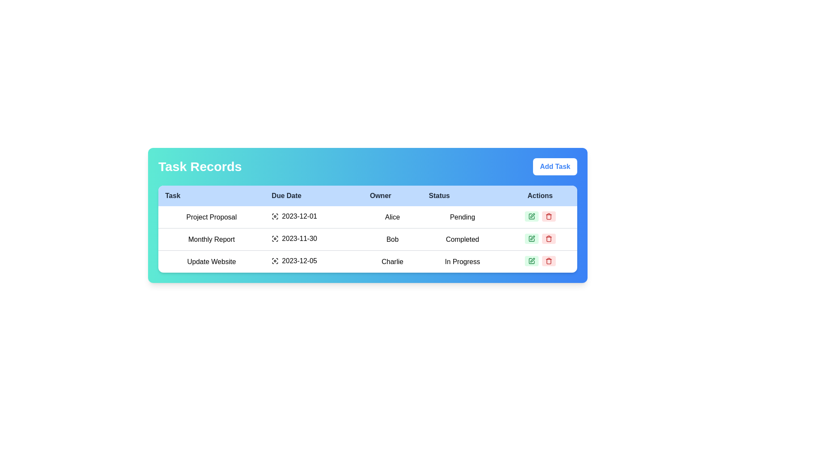 The height and width of the screenshot is (463, 824). Describe the element at coordinates (531, 215) in the screenshot. I see `the pen-shaped icon in the 'Actions' column of the 'Task Records' section` at that location.